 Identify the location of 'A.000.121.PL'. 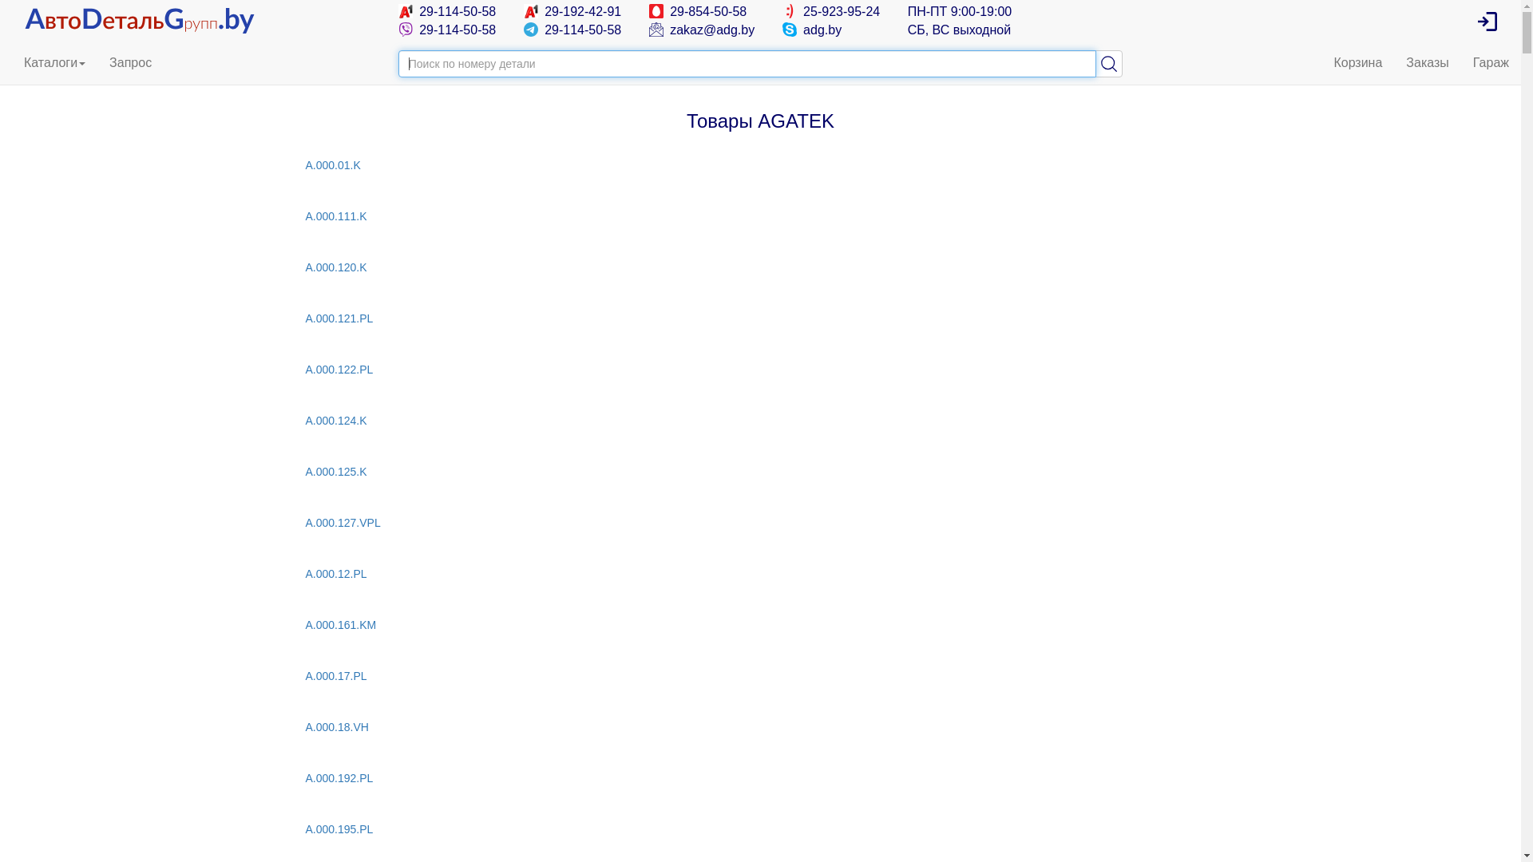
(305, 318).